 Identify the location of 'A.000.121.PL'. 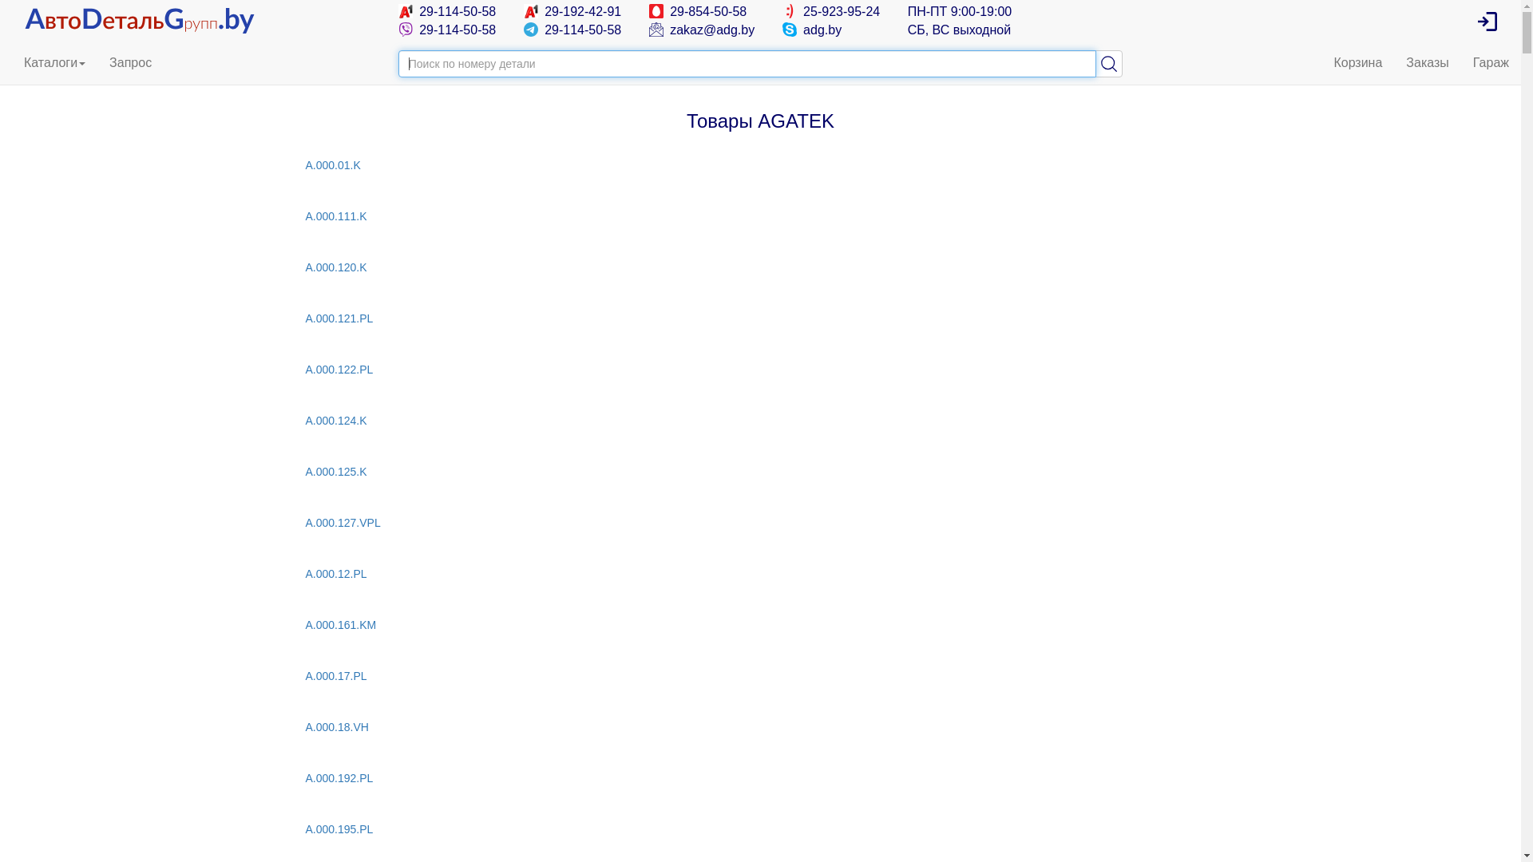
(305, 318).